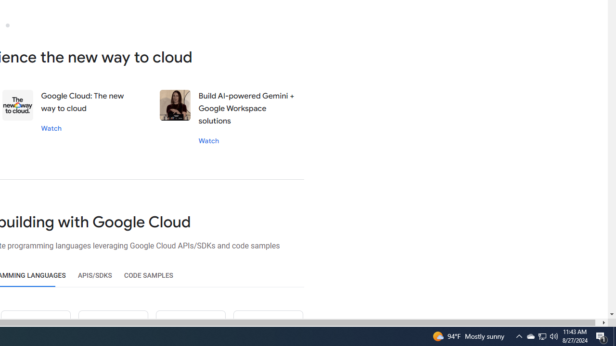 The image size is (616, 346). Describe the element at coordinates (175, 105) in the screenshot. I see `'Stephanie wong'` at that location.